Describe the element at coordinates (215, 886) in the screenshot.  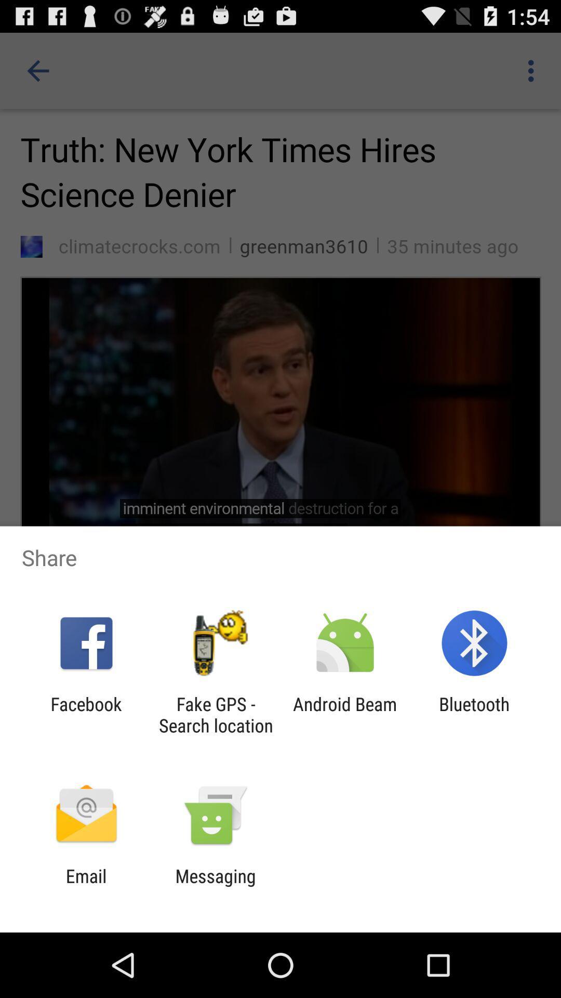
I see `app to the right of the email` at that location.